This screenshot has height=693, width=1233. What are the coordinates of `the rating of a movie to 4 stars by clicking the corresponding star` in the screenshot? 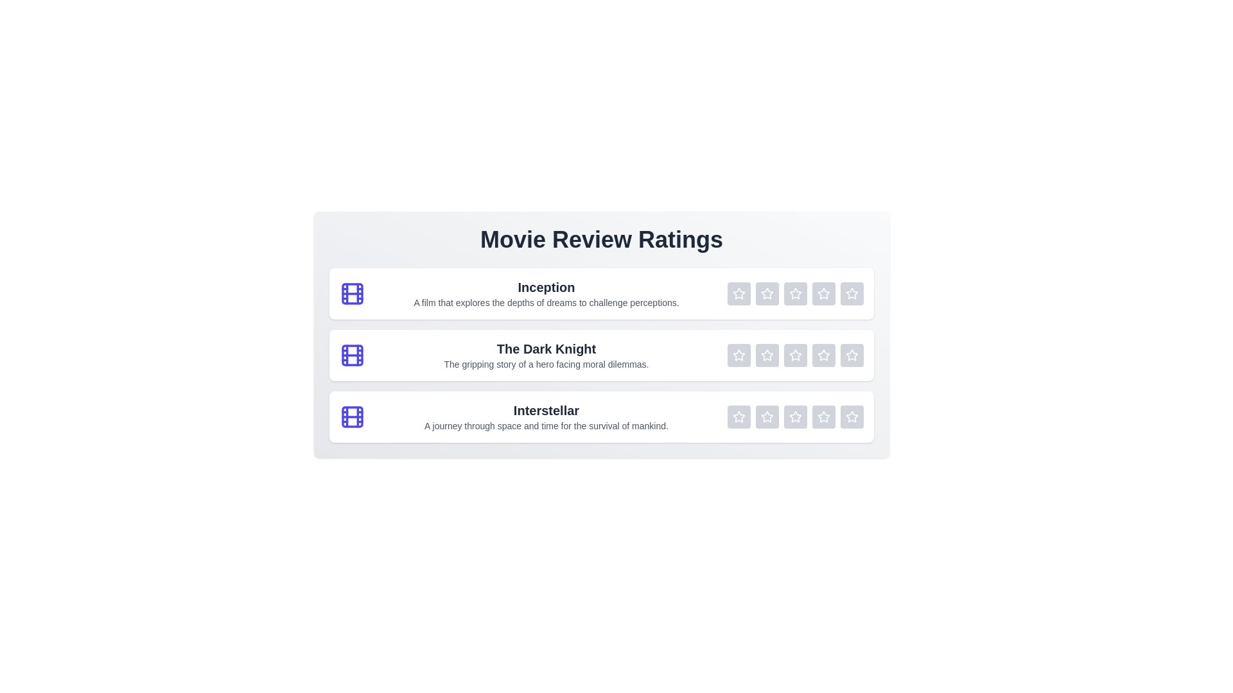 It's located at (823, 294).